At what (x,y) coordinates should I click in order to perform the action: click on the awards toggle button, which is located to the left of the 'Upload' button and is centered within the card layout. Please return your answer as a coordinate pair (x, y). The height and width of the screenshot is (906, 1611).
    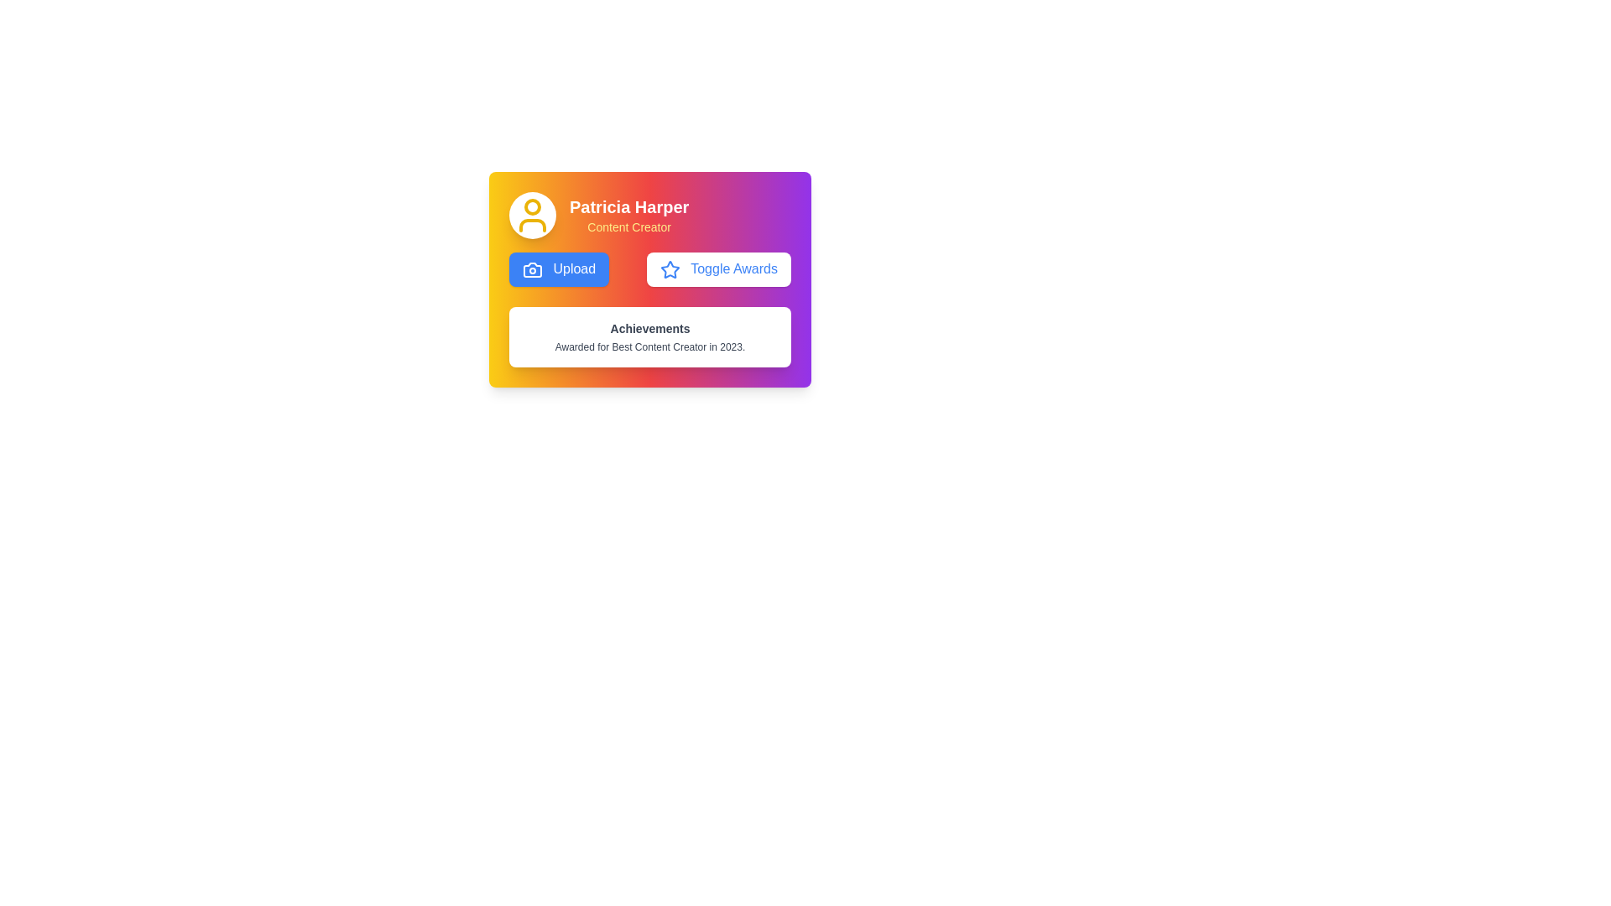
    Looking at the image, I should click on (719, 268).